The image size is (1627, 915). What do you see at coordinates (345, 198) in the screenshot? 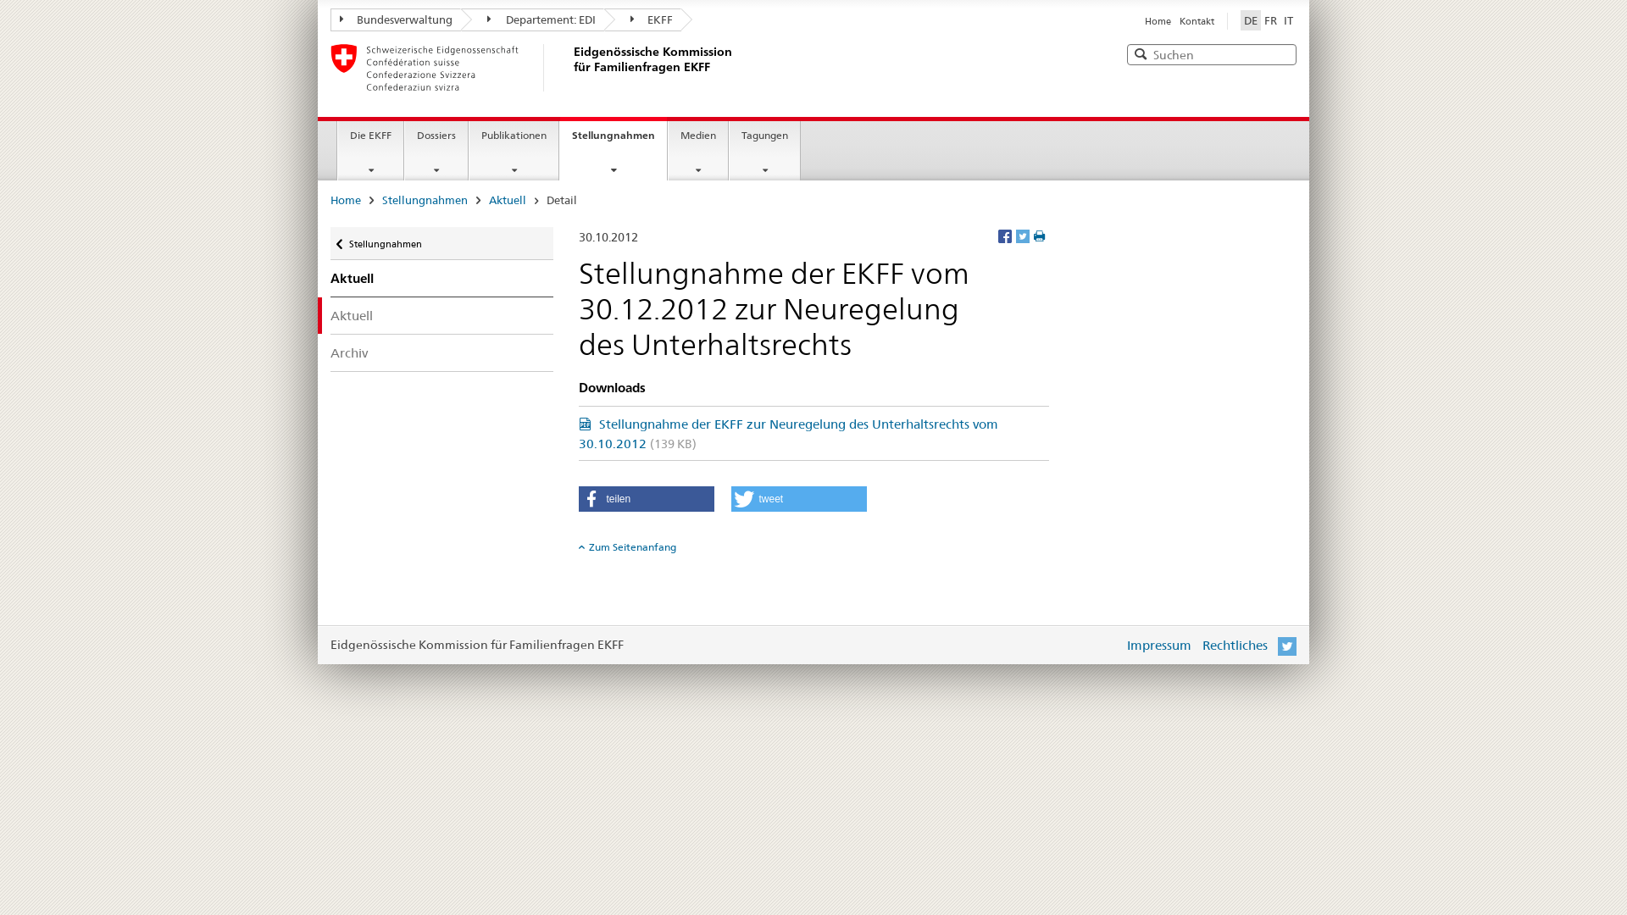
I see `'Home'` at bounding box center [345, 198].